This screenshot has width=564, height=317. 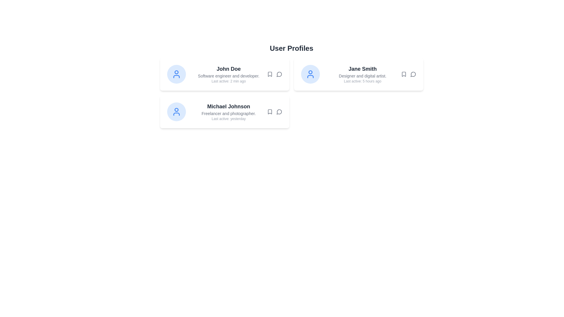 What do you see at coordinates (269, 74) in the screenshot?
I see `the bookmark icon, which is a small gray and blue minimalistic icon located within the card for 'John Doe', positioned to the right of their name and description` at bounding box center [269, 74].